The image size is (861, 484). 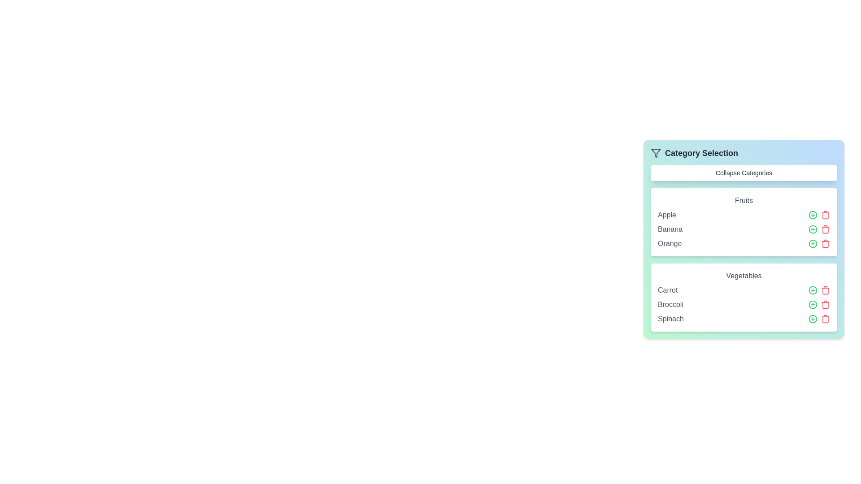 I want to click on the green '+' button next to the item Spinach to add it to the selected list, so click(x=813, y=319).